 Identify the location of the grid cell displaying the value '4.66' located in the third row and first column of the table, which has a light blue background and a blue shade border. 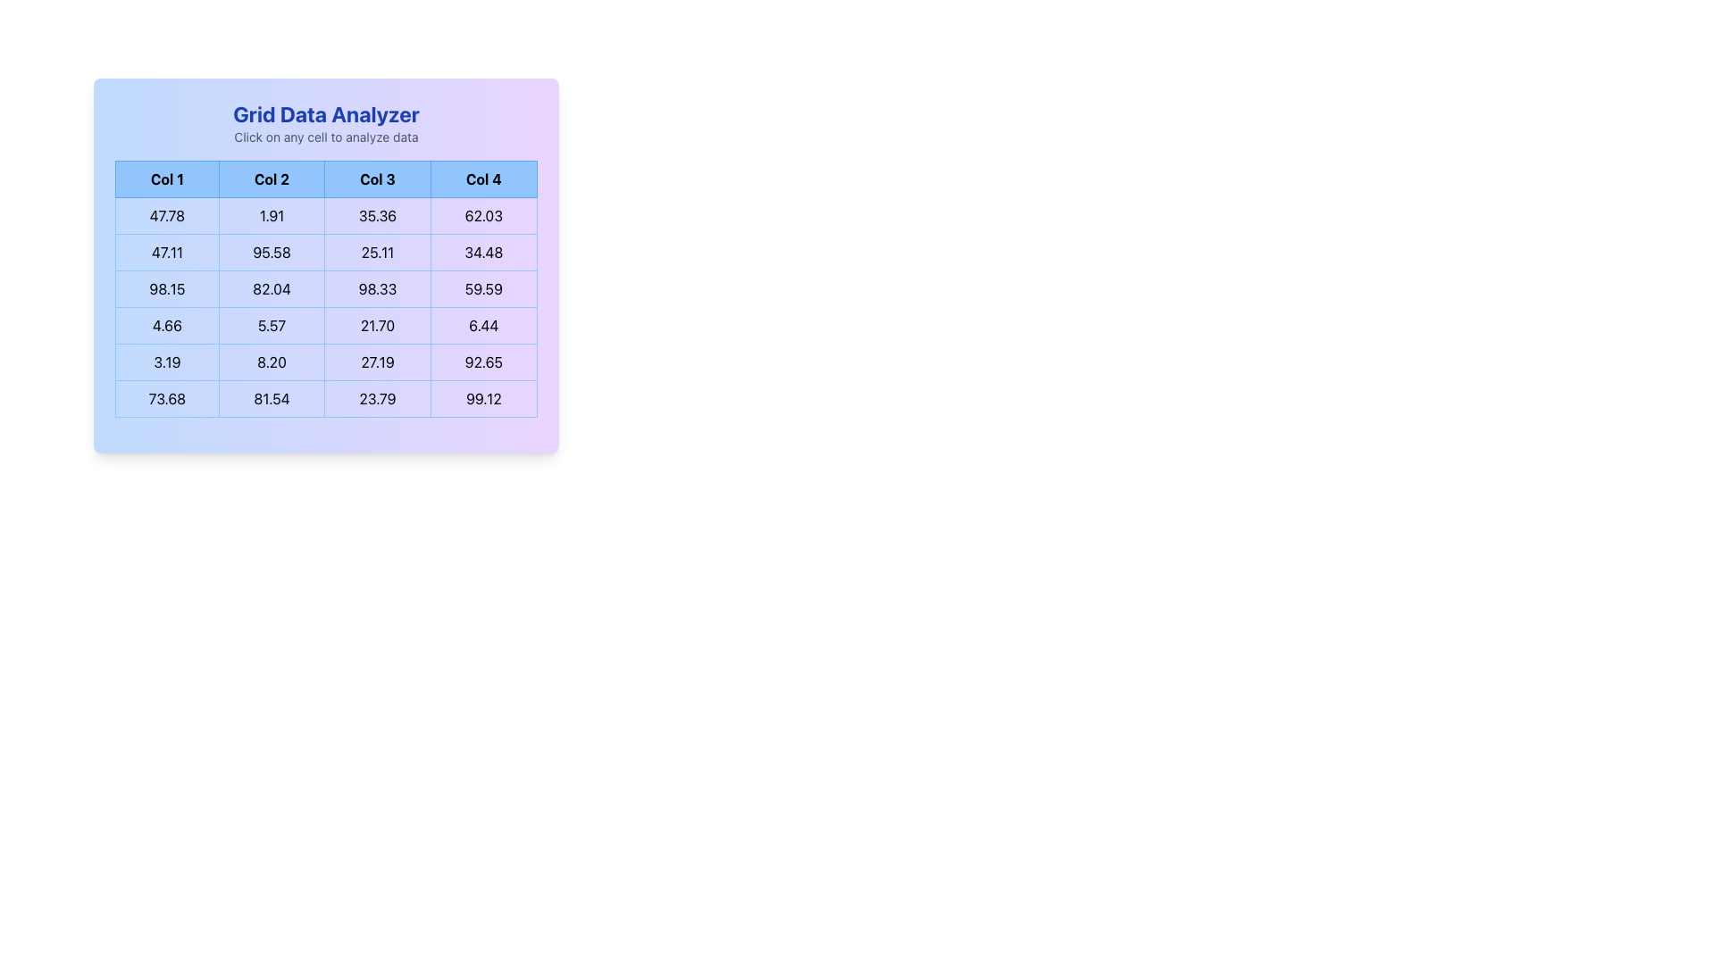
(167, 326).